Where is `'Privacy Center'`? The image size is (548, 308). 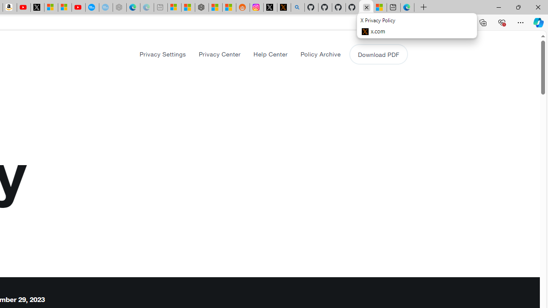
'Privacy Center' is located at coordinates (220, 54).